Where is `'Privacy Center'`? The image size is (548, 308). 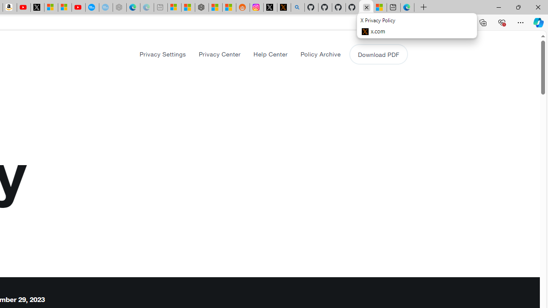
'Privacy Center' is located at coordinates (220, 54).